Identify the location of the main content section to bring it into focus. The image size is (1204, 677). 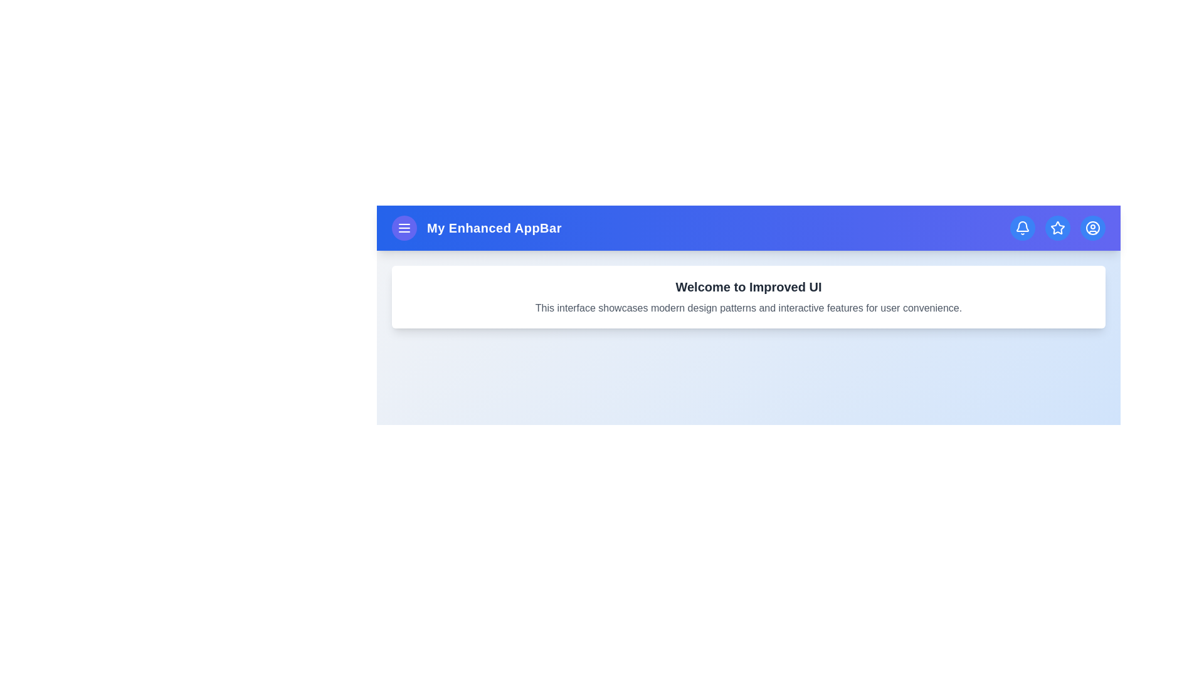
(749, 297).